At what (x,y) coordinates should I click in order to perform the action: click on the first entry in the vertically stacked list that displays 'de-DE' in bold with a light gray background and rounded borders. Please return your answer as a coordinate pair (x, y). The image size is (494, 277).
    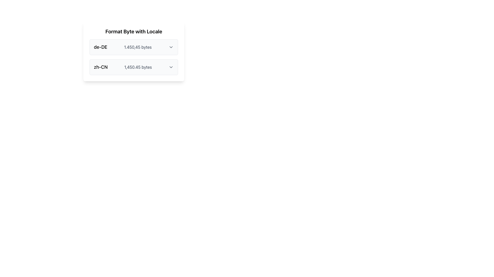
    Looking at the image, I should click on (134, 47).